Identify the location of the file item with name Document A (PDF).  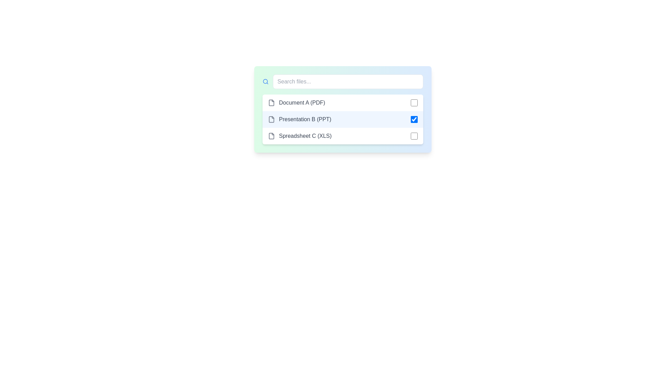
(343, 103).